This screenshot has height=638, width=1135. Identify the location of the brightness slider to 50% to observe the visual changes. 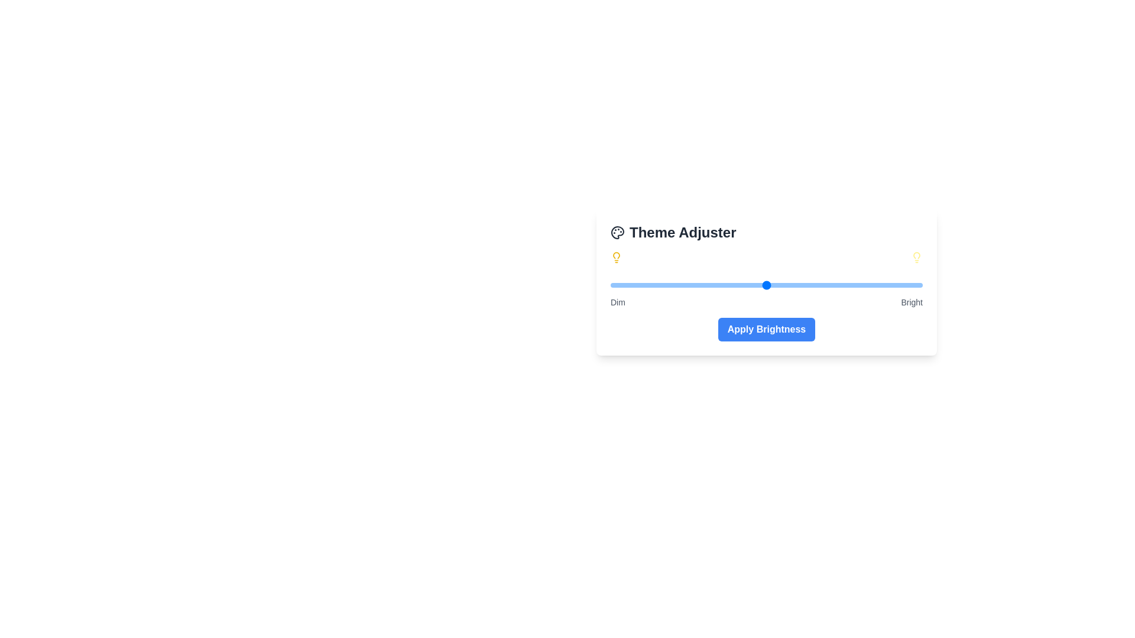
(766, 285).